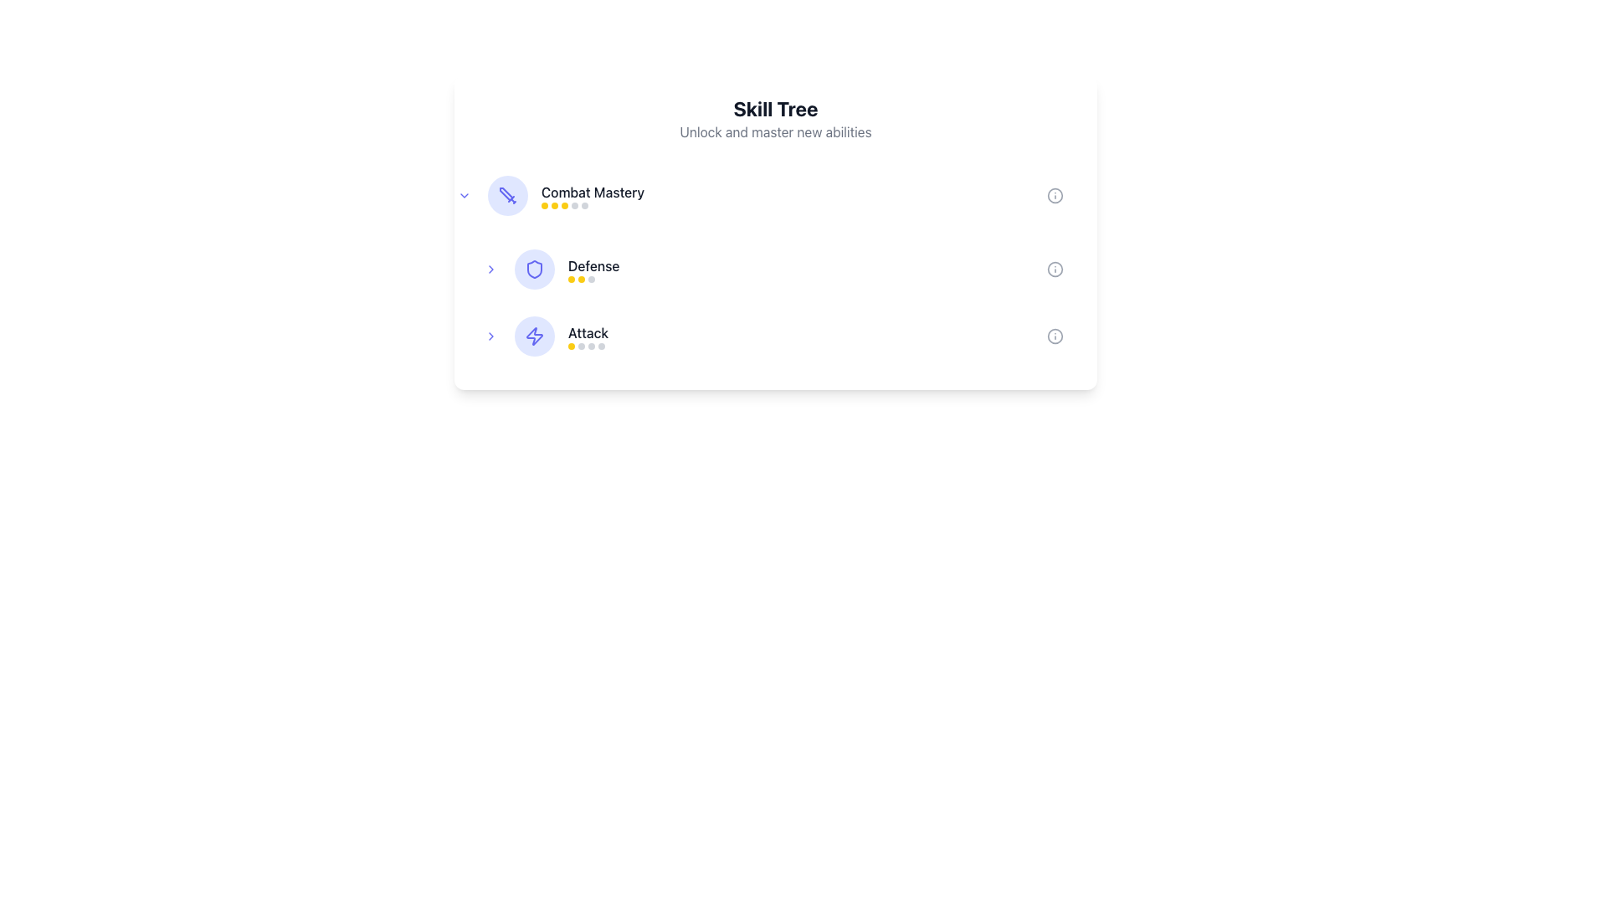 The image size is (1607, 904). What do you see at coordinates (774, 109) in the screenshot?
I see `text content of the 'Skill Tree' heading displayed in bold, large font at the top center of the content section` at bounding box center [774, 109].